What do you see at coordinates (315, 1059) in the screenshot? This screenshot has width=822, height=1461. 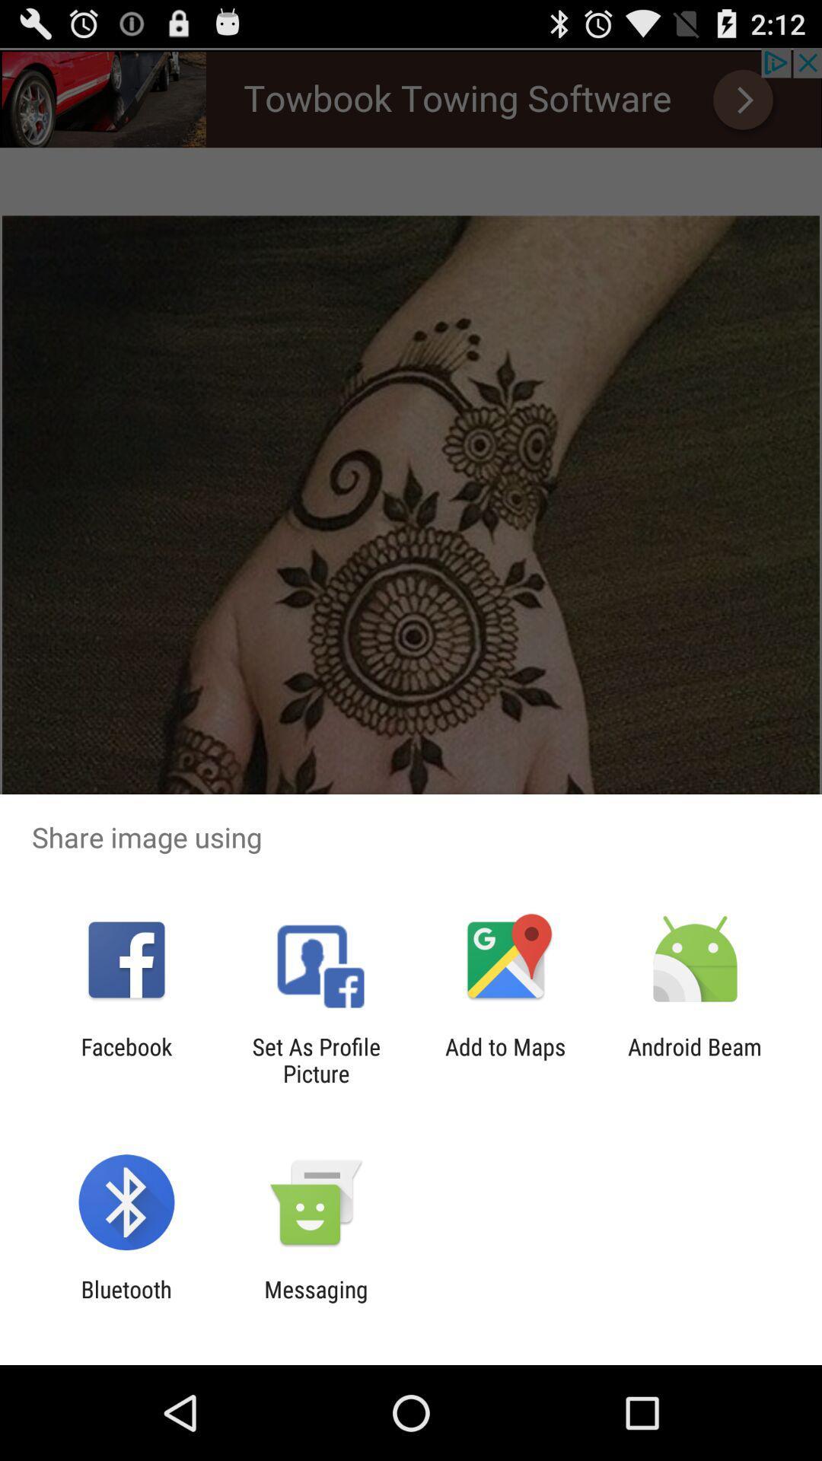 I see `app next to facebook app` at bounding box center [315, 1059].